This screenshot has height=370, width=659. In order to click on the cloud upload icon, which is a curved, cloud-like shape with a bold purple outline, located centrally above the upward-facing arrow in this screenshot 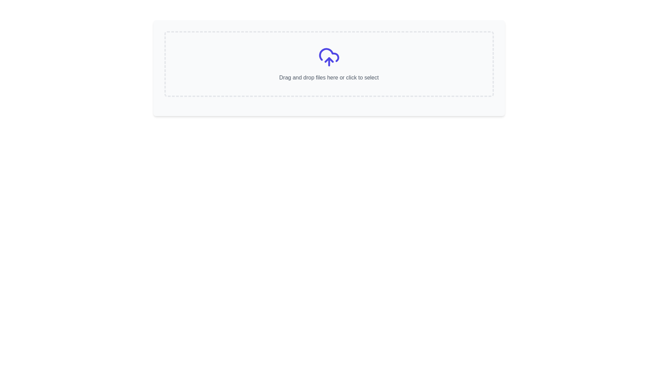, I will do `click(328, 54)`.